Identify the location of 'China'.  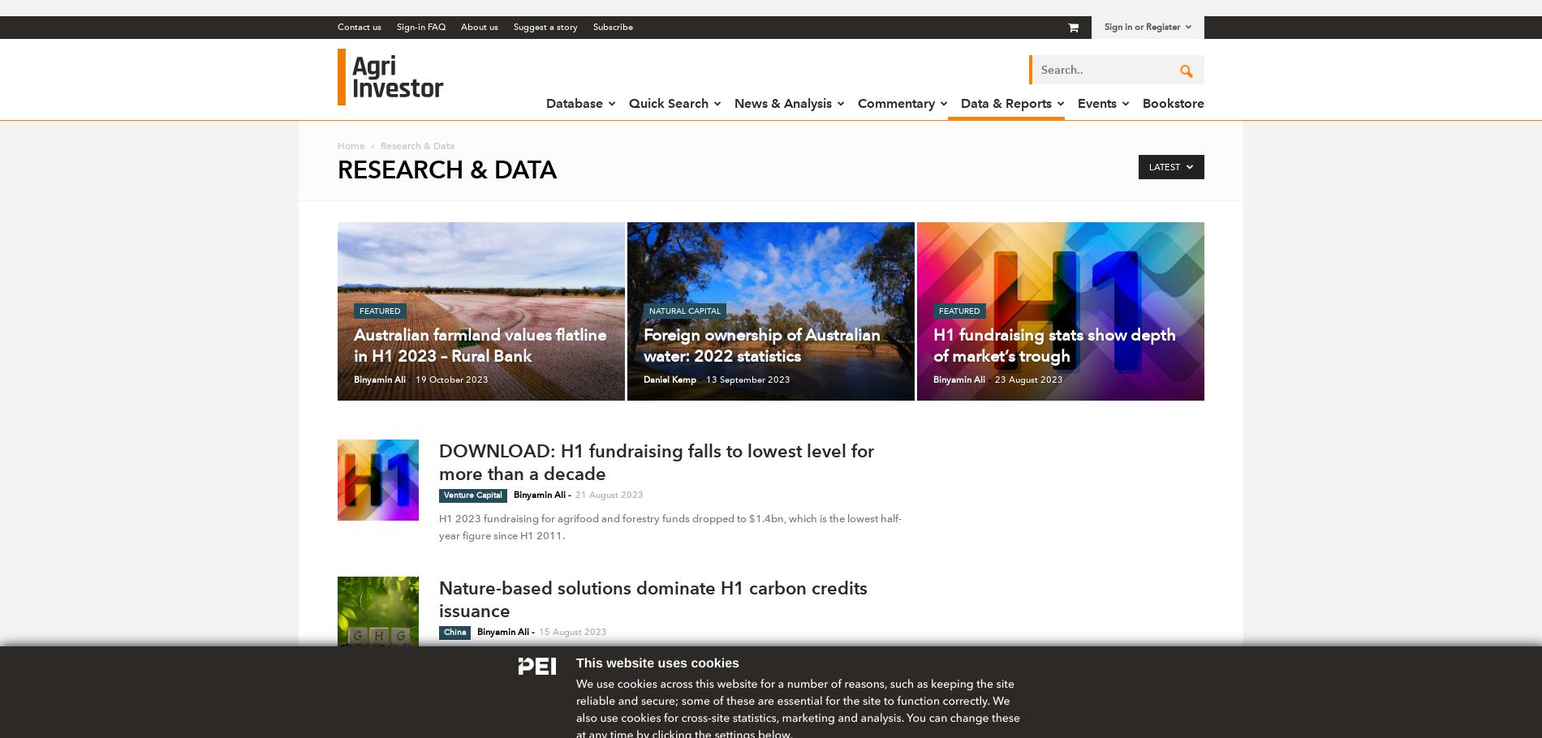
(454, 632).